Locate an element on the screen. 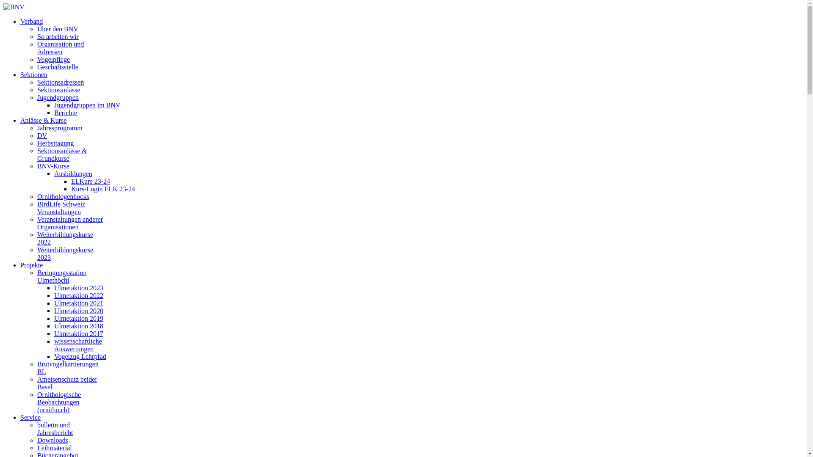 The height and width of the screenshot is (457, 813). 'Ausbildungen' is located at coordinates (54, 173).